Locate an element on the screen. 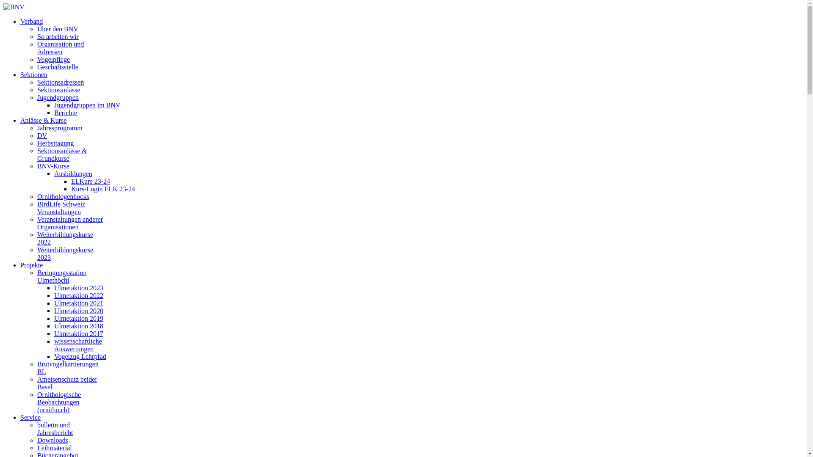 The height and width of the screenshot is (457, 813). 'Ausbildungen' is located at coordinates (54, 173).